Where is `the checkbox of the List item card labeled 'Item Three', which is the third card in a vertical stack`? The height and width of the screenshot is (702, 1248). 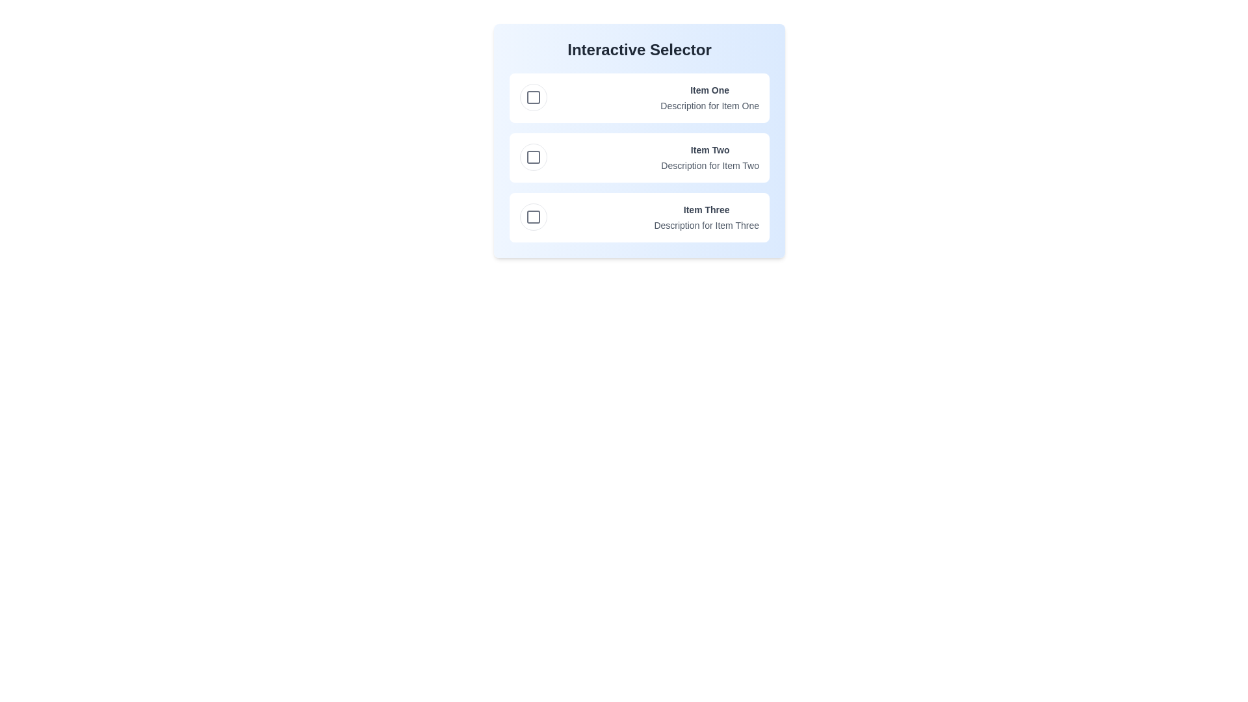 the checkbox of the List item card labeled 'Item Three', which is the third card in a vertical stack is located at coordinates (639, 217).